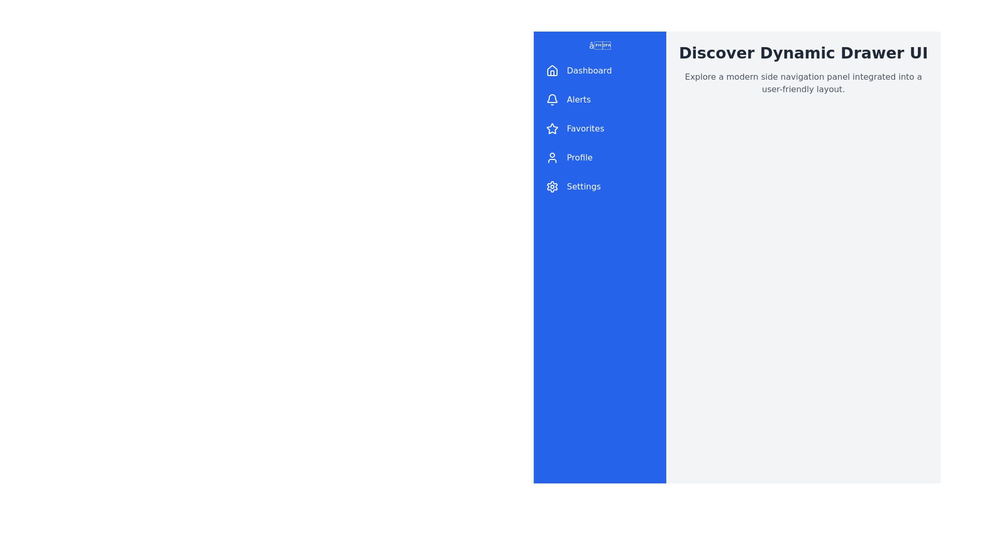 The width and height of the screenshot is (994, 559). Describe the element at coordinates (551, 187) in the screenshot. I see `the gear-shaped icon with a blue background and white outline, which represents settings functionality, located in the vertical navigation bar labeled 'Settings'` at that location.